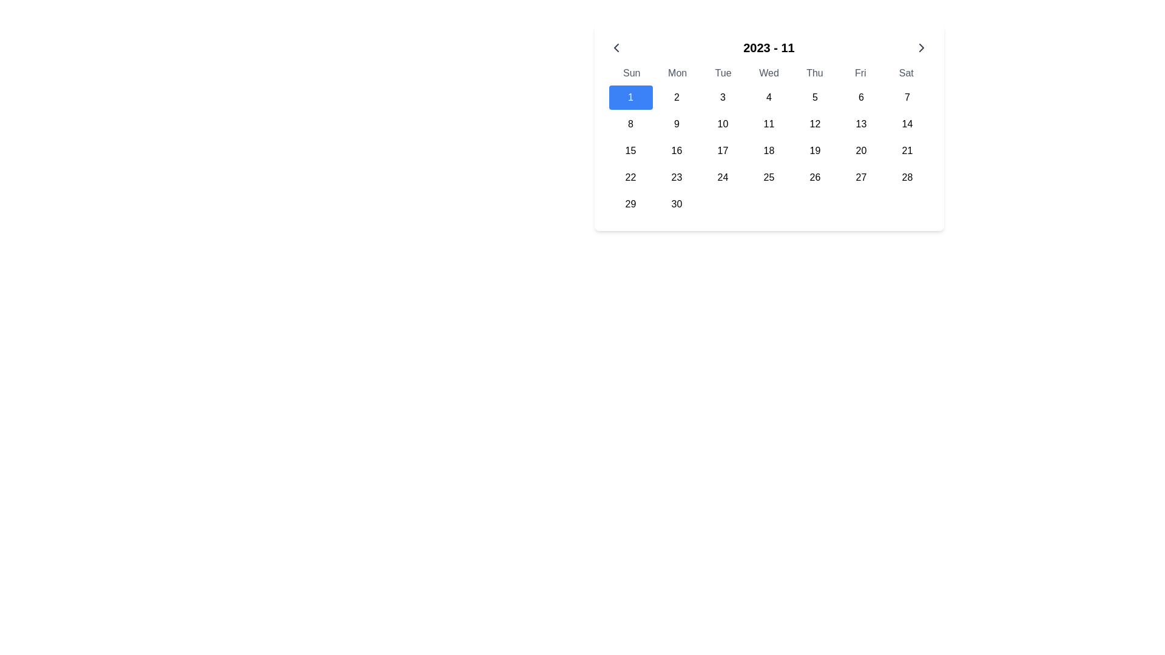 The height and width of the screenshot is (655, 1165). Describe the element at coordinates (922, 47) in the screenshot. I see `the button located at the far right of the calendar navigation header` at that location.